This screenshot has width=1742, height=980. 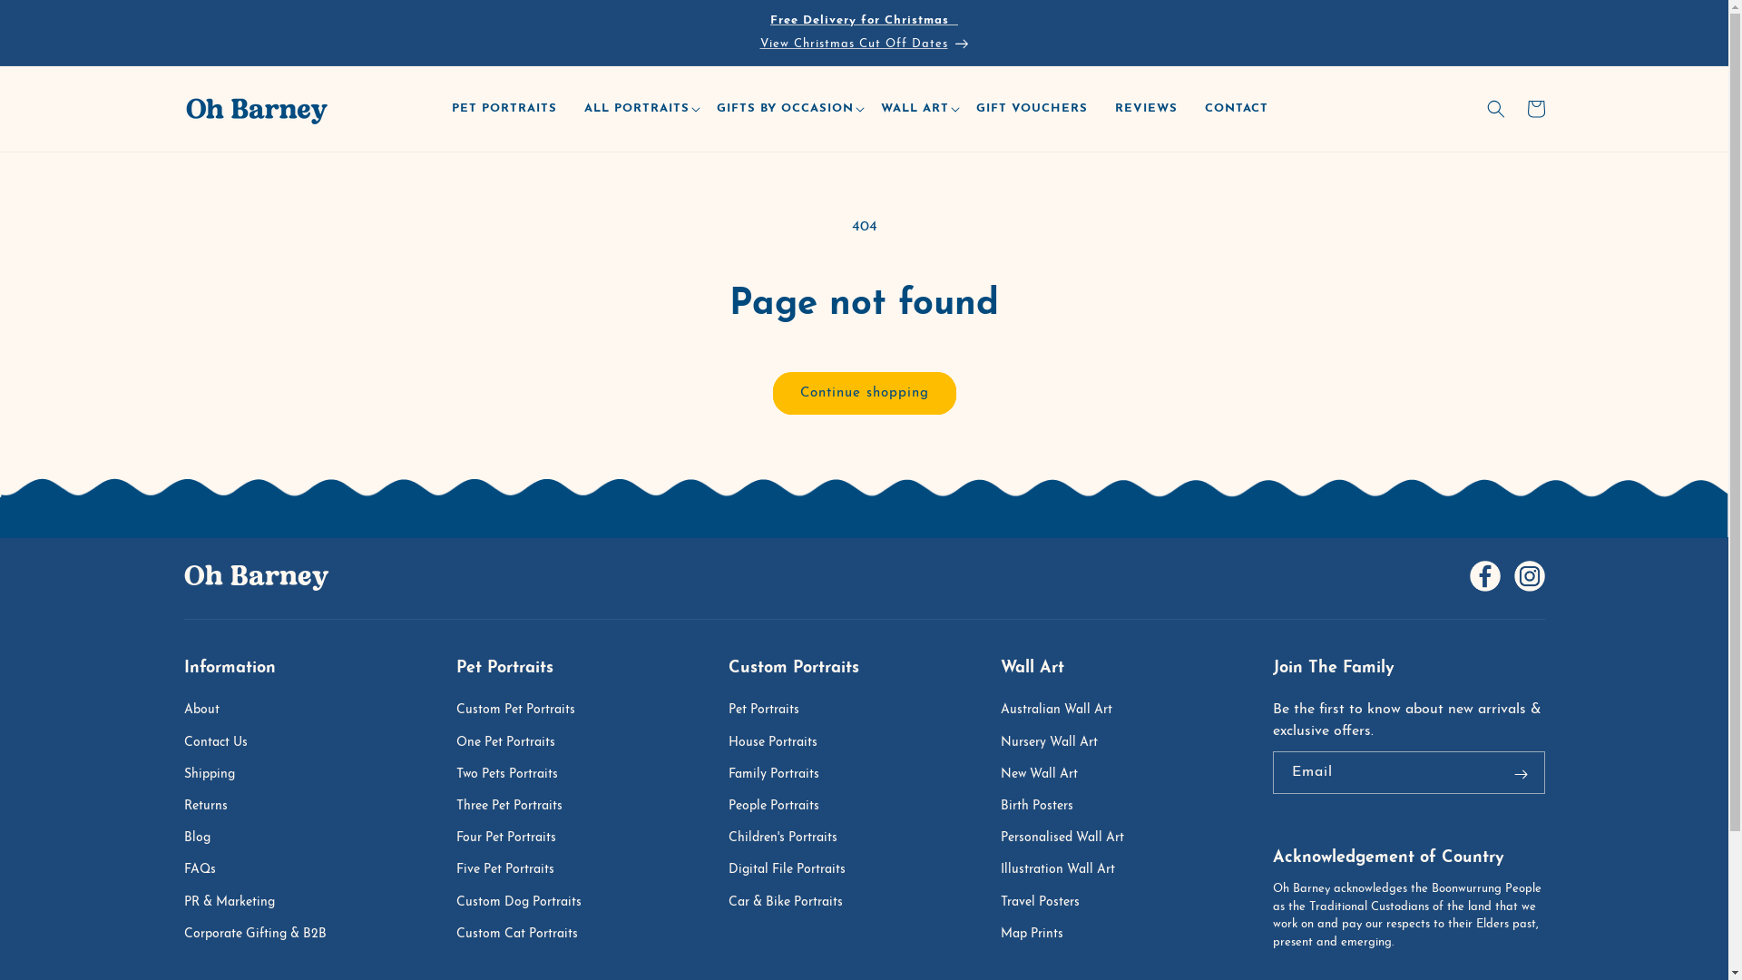 What do you see at coordinates (999, 711) in the screenshot?
I see `'Australian Wall Art'` at bounding box center [999, 711].